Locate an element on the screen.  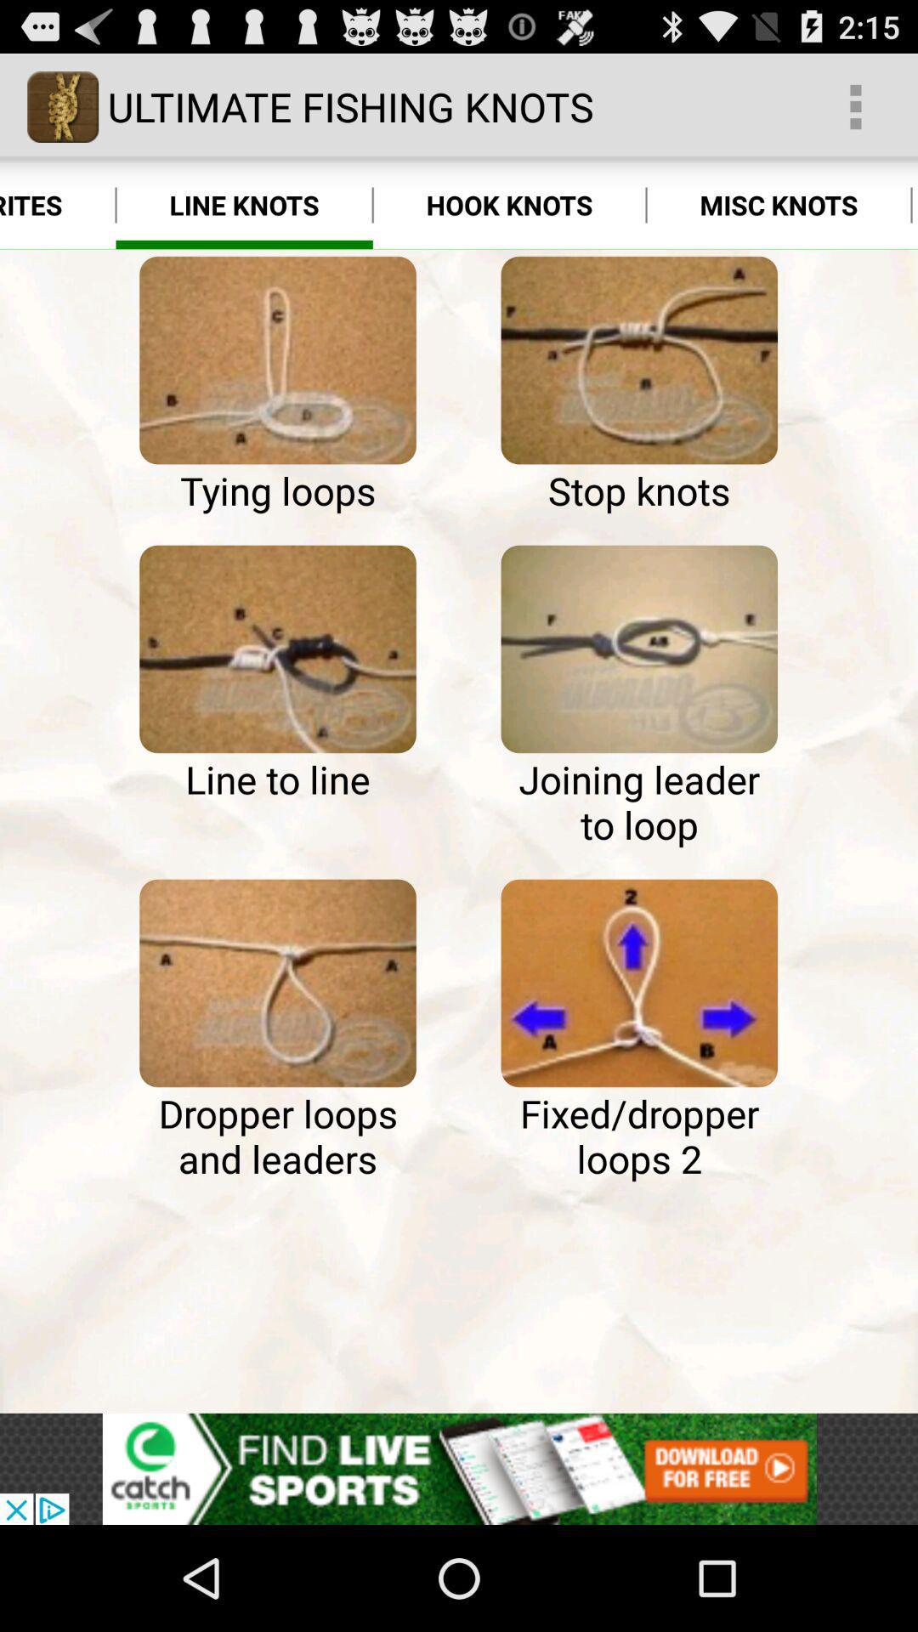
ultimate fishing knots is located at coordinates (639, 360).